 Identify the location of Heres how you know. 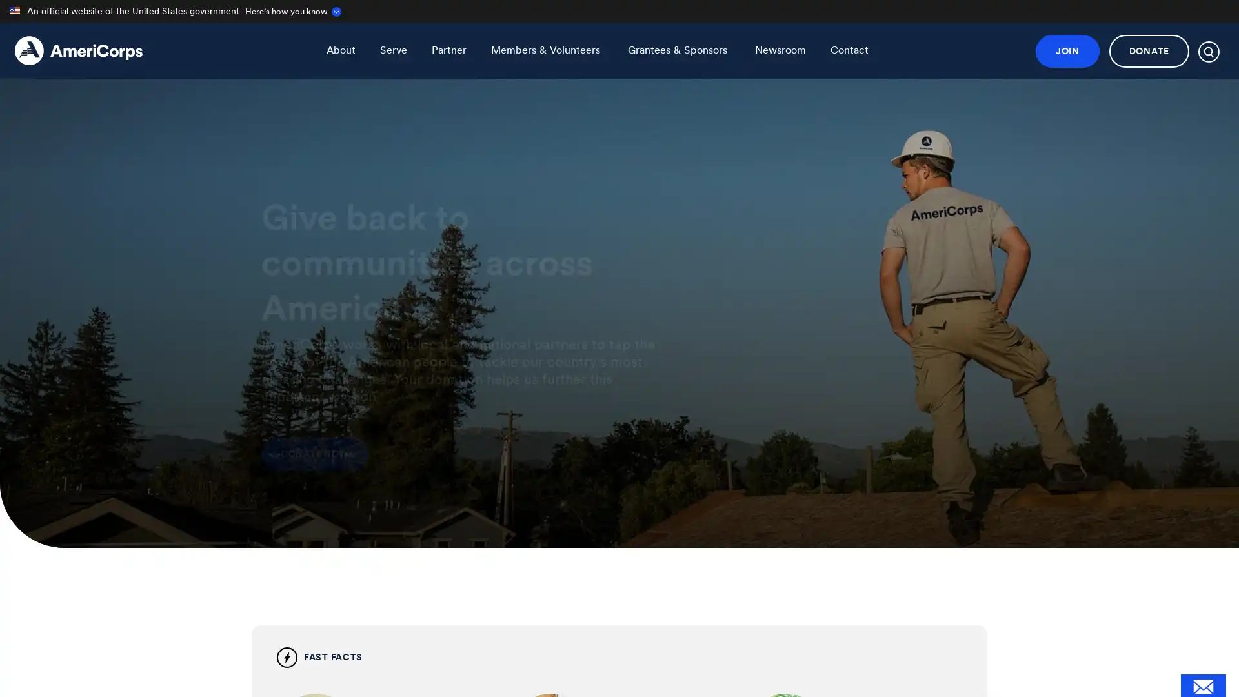
(290, 11).